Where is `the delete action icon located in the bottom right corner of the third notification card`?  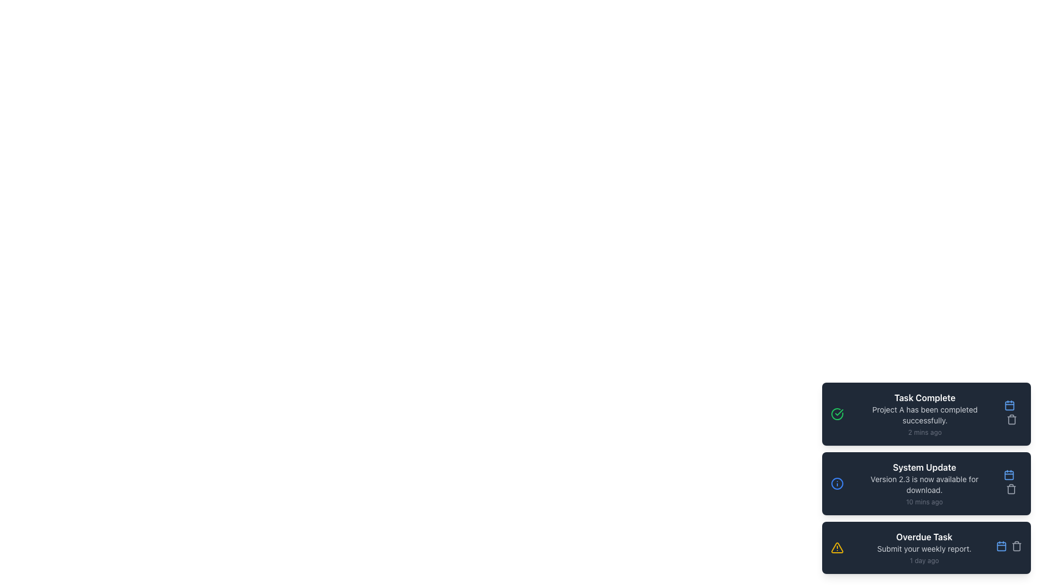
the delete action icon located in the bottom right corner of the third notification card is located at coordinates (1016, 546).